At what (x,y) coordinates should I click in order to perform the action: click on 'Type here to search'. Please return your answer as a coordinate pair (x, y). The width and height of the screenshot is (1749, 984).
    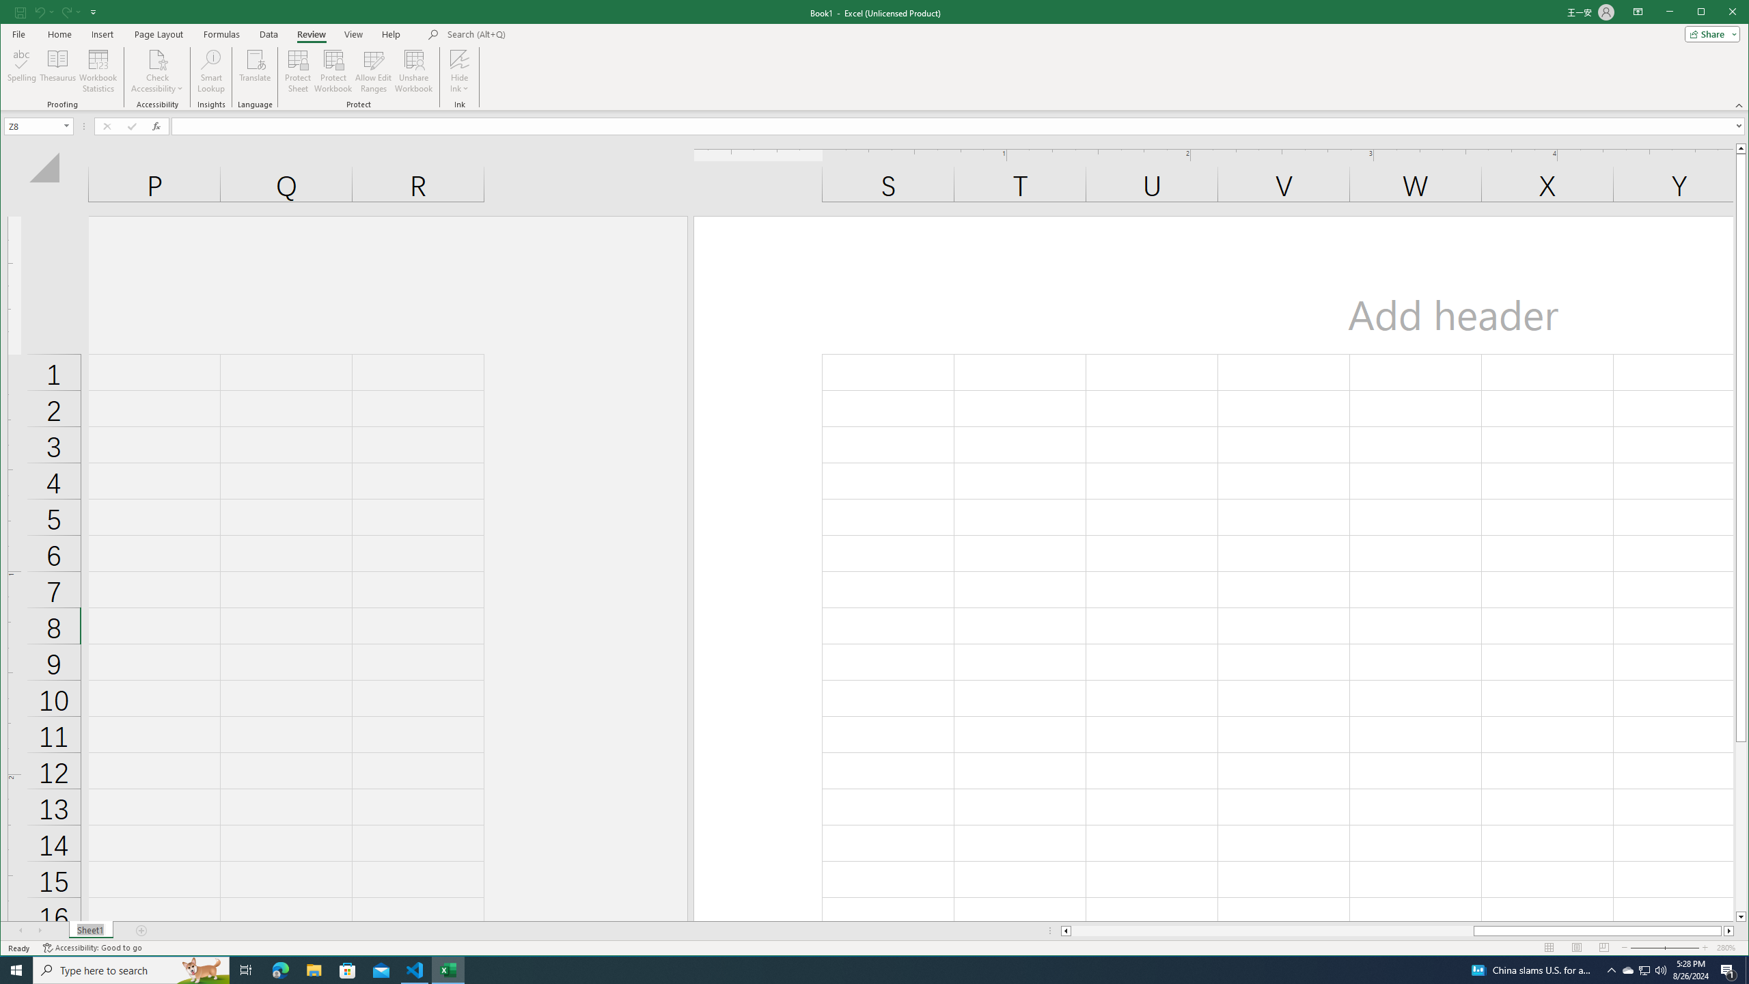
    Looking at the image, I should click on (130, 969).